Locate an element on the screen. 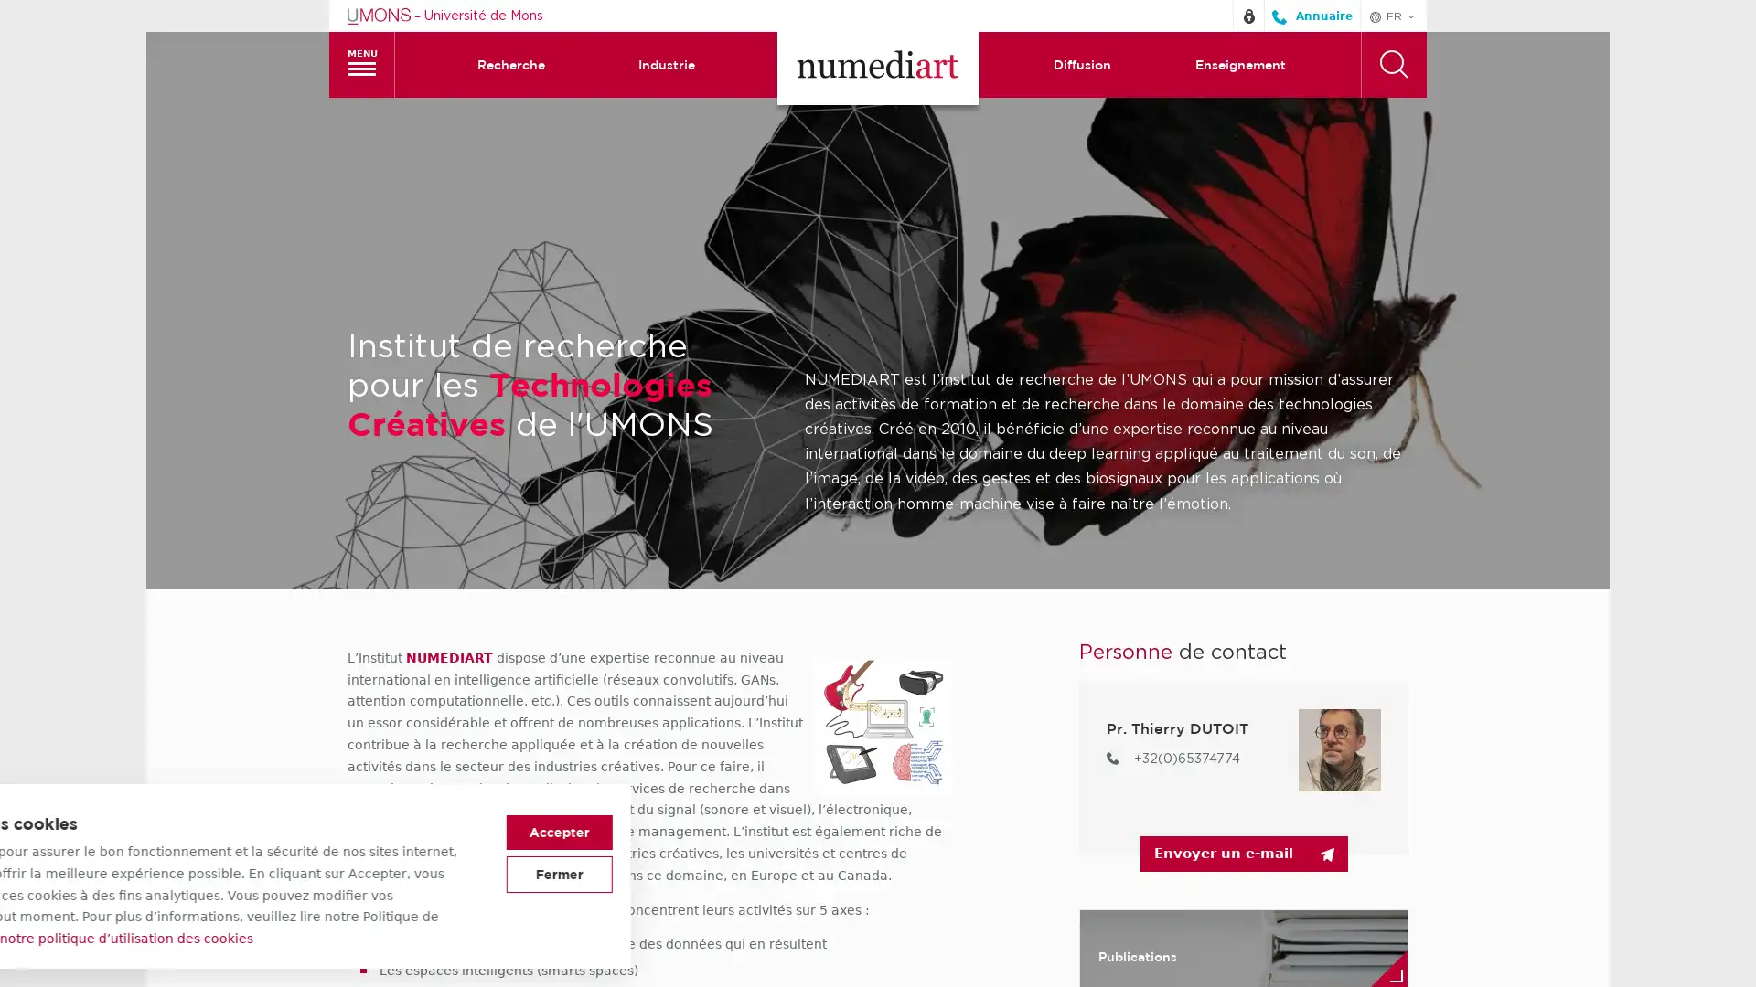  FR is located at coordinates (1392, 15).